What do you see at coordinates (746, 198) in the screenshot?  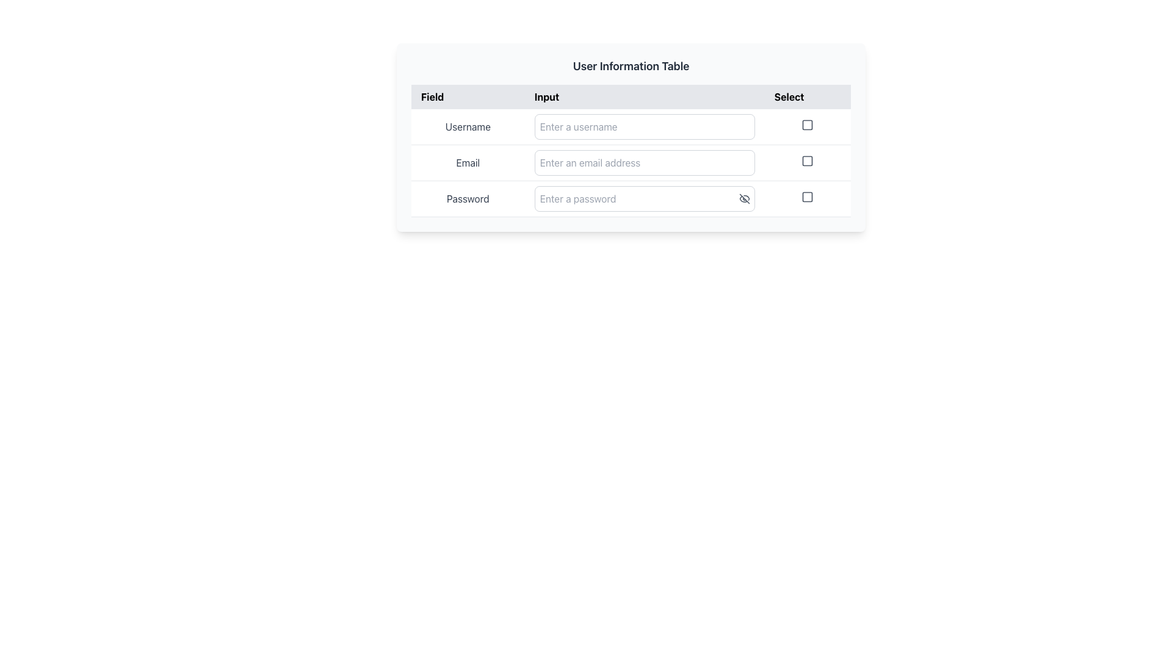 I see `the eye-slash icon button located at the far right of the 'Enter a password' input box in the 'Password' field of the 'User Information Table'` at bounding box center [746, 198].